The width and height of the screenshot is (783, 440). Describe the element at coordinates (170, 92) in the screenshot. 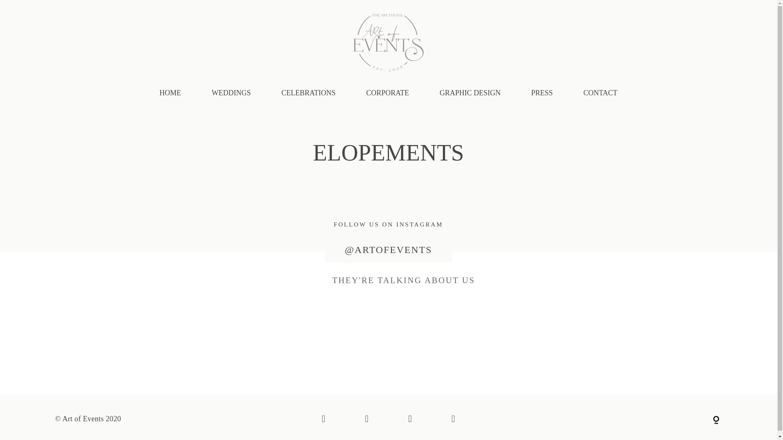

I see `'HOME'` at that location.